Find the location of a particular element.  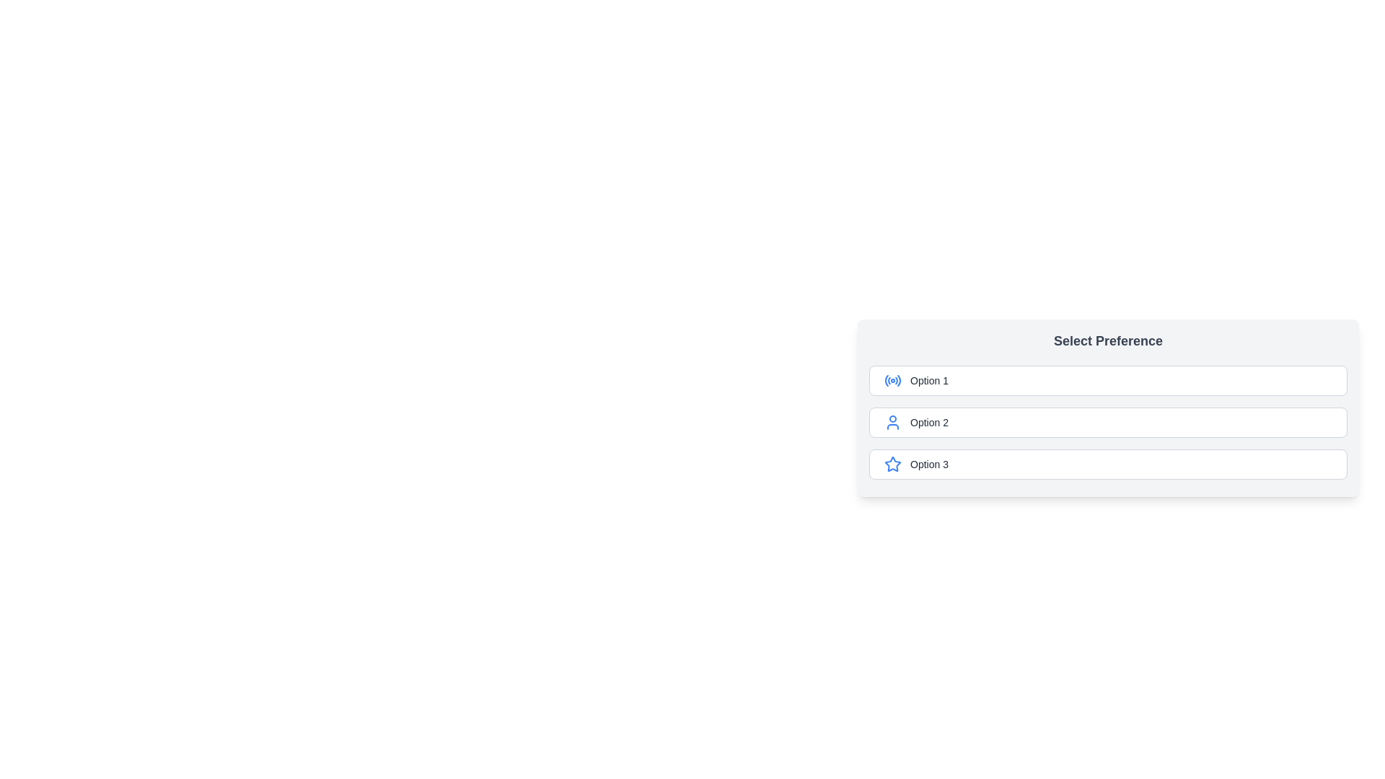

the blue icon styled as a radiating signal symbol inside the selectable box labeled 'Option 1', which is the first option in the vertical list is located at coordinates (892, 380).